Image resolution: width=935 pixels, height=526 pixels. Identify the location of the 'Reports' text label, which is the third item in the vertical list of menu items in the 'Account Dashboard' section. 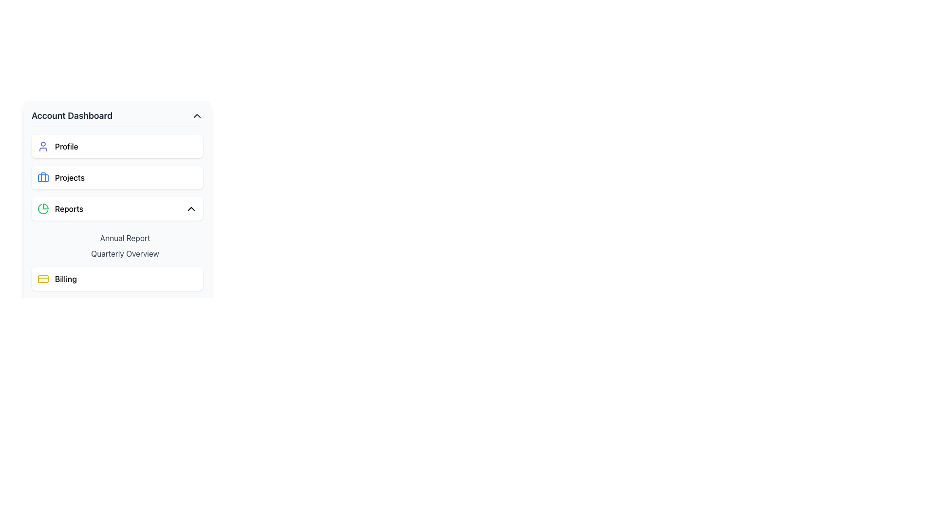
(69, 208).